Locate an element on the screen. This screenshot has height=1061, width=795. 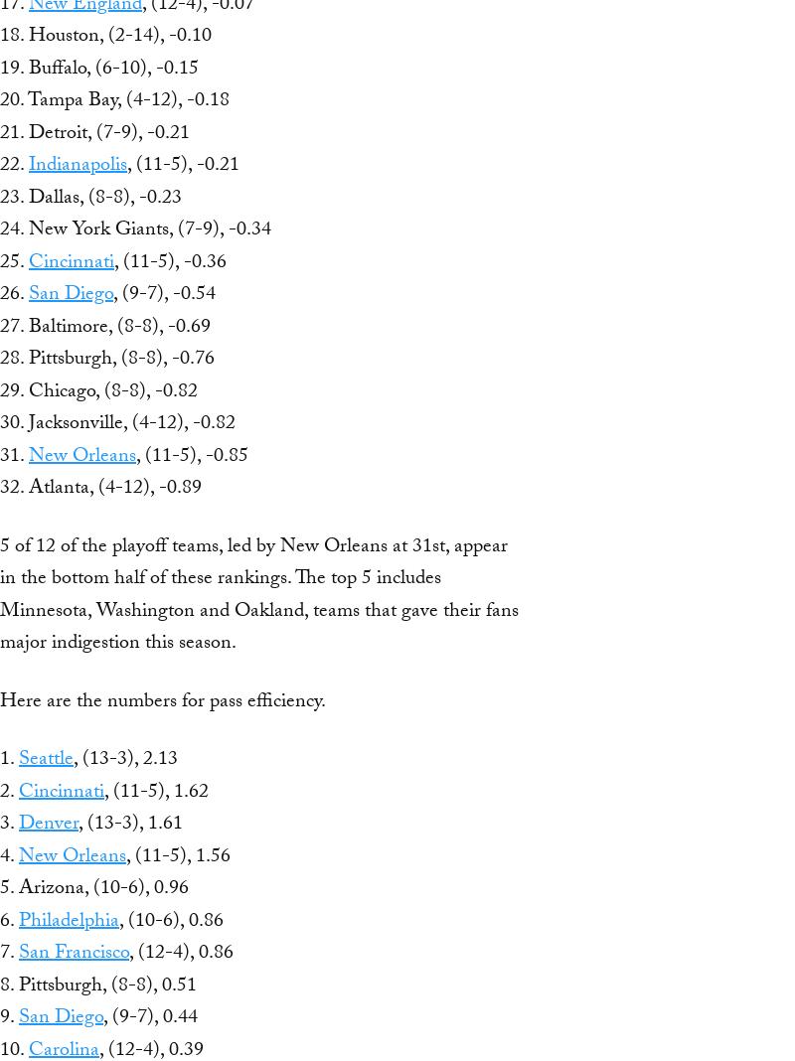
'32. Atlanta, (4-12), -0.89' is located at coordinates (99, 489).